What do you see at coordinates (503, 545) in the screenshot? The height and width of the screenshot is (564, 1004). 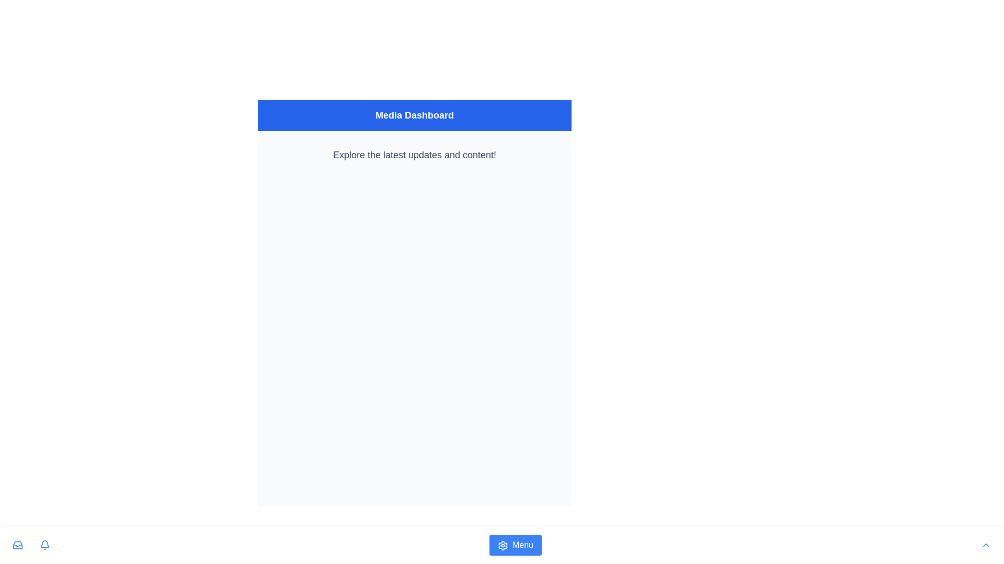 I see `the 'Menu' icon located at the bottom center of the interface` at bounding box center [503, 545].